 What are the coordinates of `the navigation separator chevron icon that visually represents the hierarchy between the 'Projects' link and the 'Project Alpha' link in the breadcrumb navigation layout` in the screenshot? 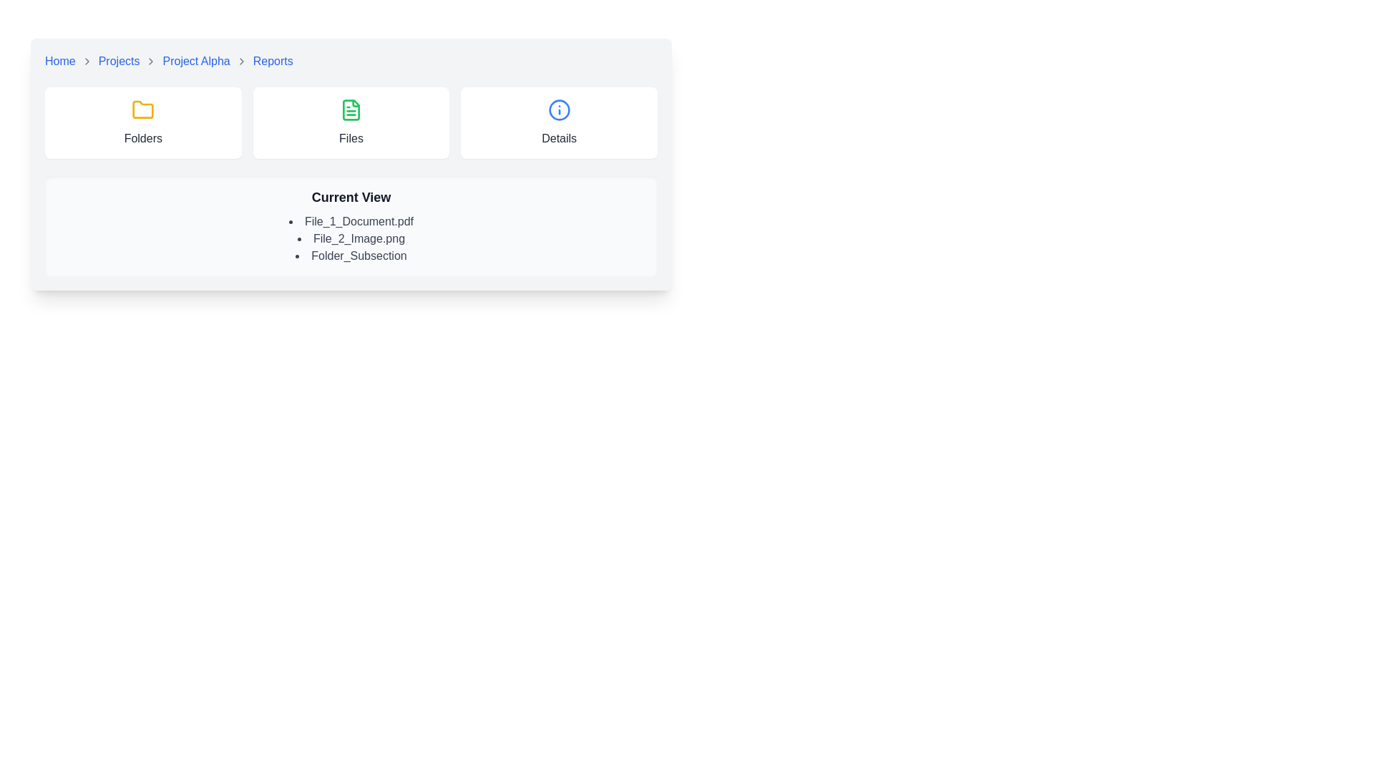 It's located at (151, 60).